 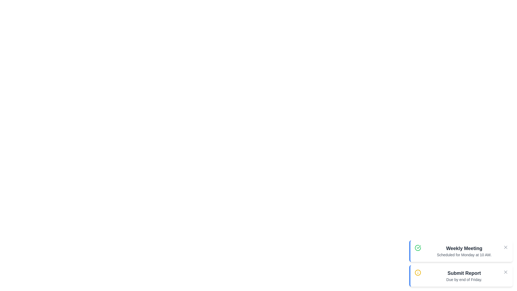 What do you see at coordinates (461, 251) in the screenshot?
I see `the notification titled 'Weekly Meeting' to read its details` at bounding box center [461, 251].